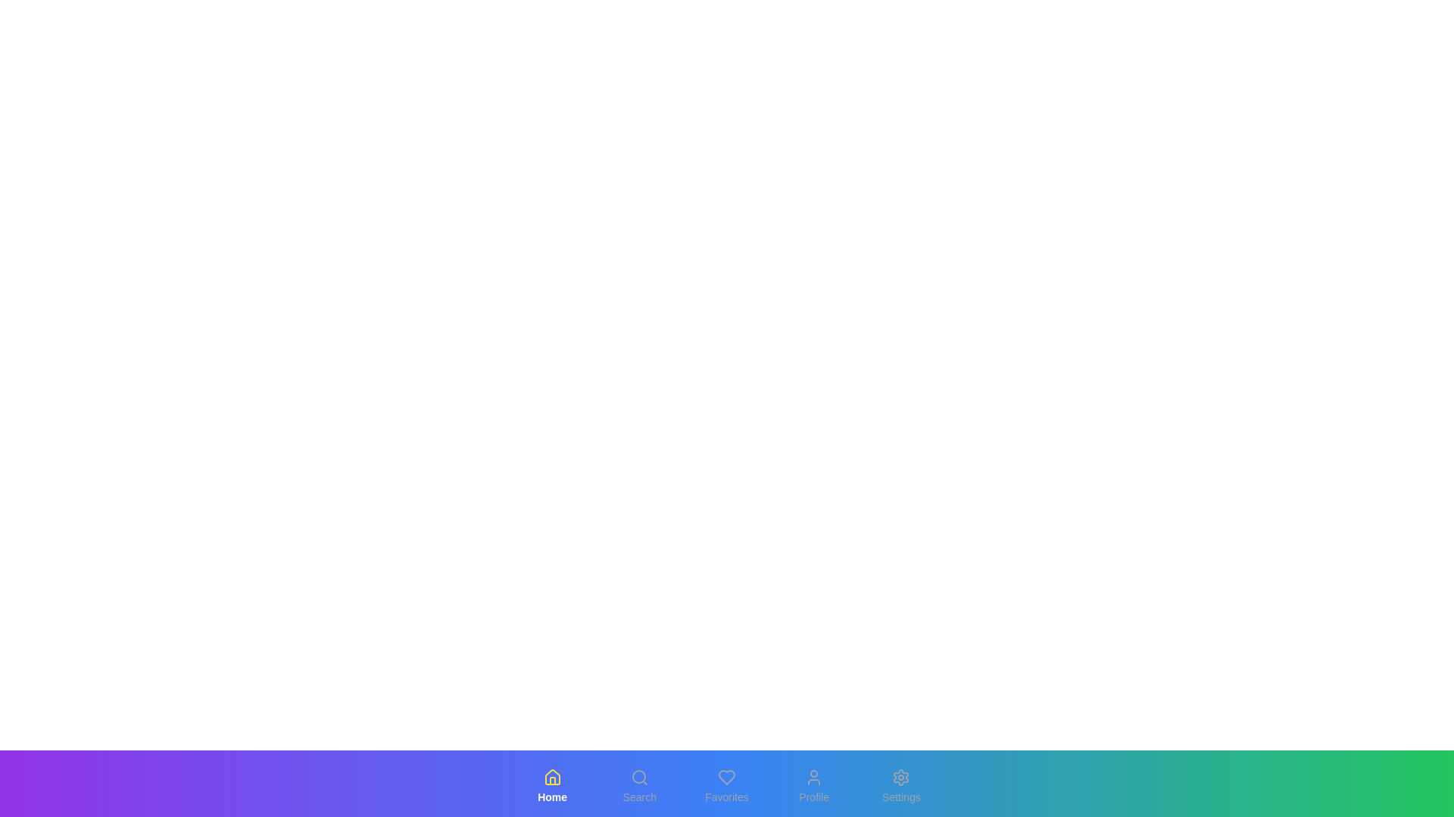 The image size is (1454, 817). What do you see at coordinates (901, 786) in the screenshot?
I see `the tab corresponding to Settings` at bounding box center [901, 786].